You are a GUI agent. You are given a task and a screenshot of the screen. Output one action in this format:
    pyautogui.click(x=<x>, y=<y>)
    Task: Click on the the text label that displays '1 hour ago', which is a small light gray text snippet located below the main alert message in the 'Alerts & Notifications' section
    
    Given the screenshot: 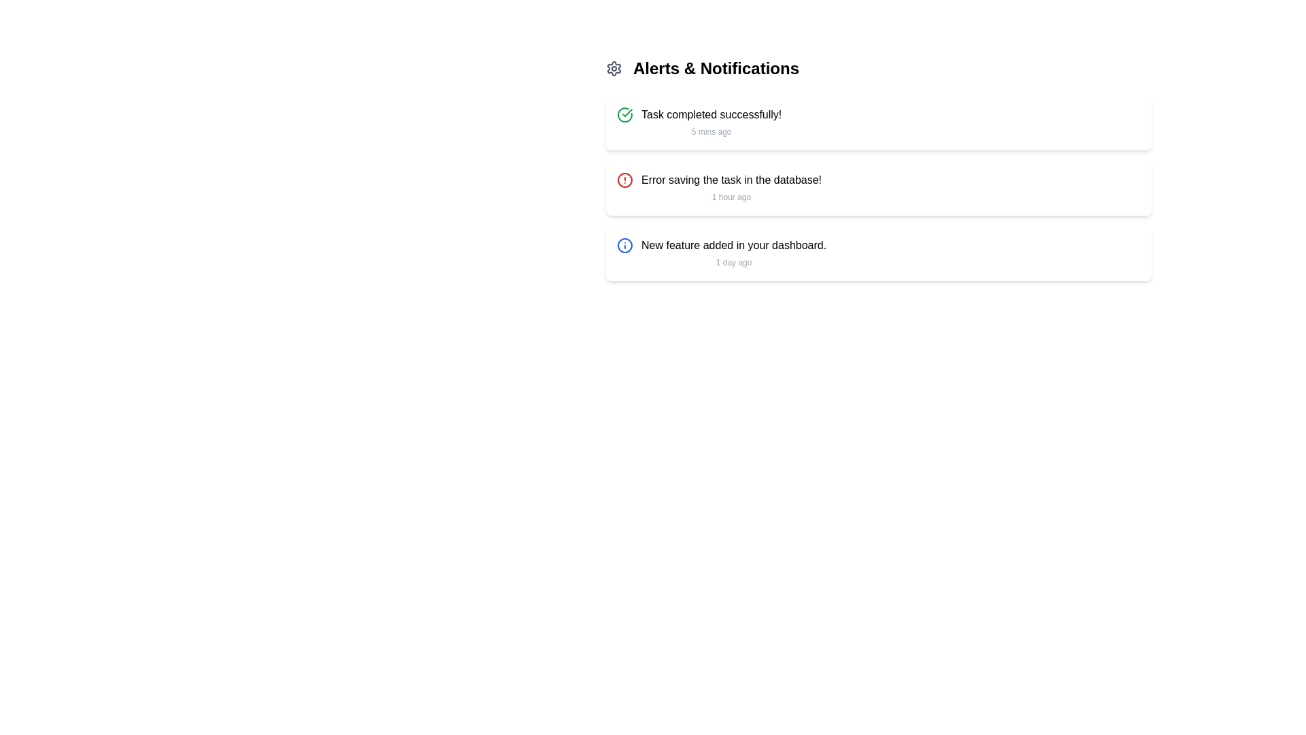 What is the action you would take?
    pyautogui.click(x=731, y=197)
    